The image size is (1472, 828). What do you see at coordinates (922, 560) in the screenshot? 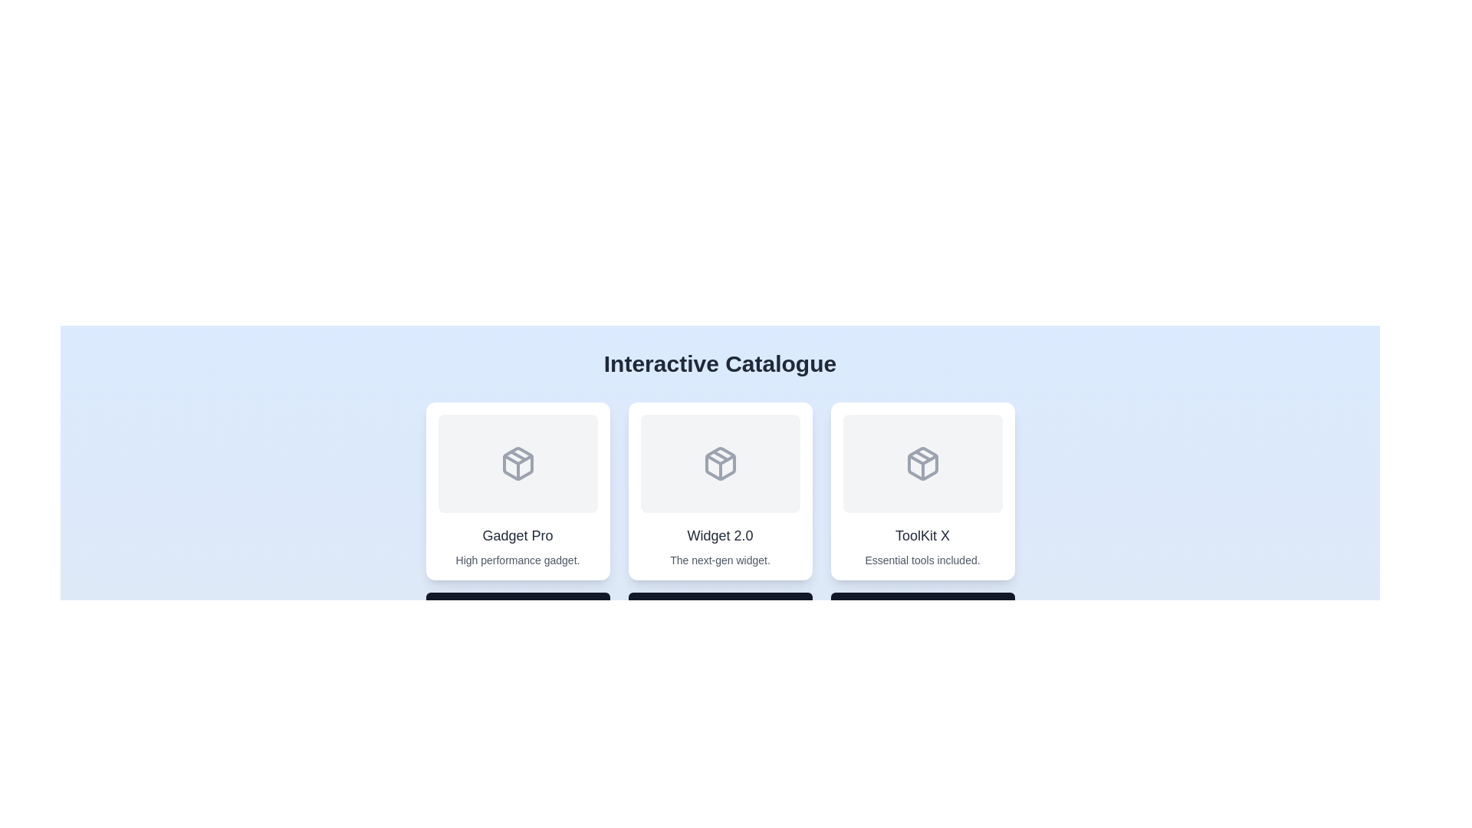
I see `the text label located at the bottom of the 'ToolKit X' card, which provides additional information or a feature summary` at bounding box center [922, 560].